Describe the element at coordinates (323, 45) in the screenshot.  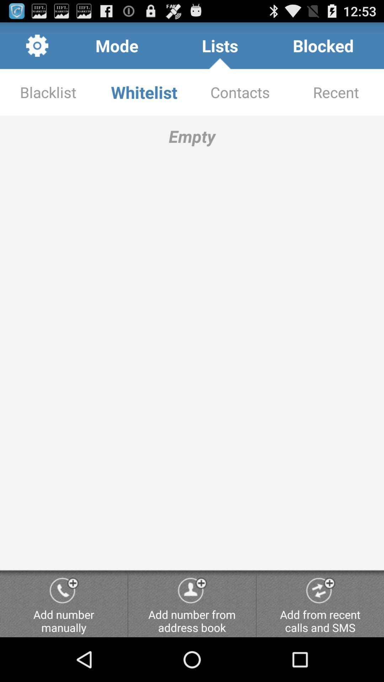
I see `the icon next to lists` at that location.